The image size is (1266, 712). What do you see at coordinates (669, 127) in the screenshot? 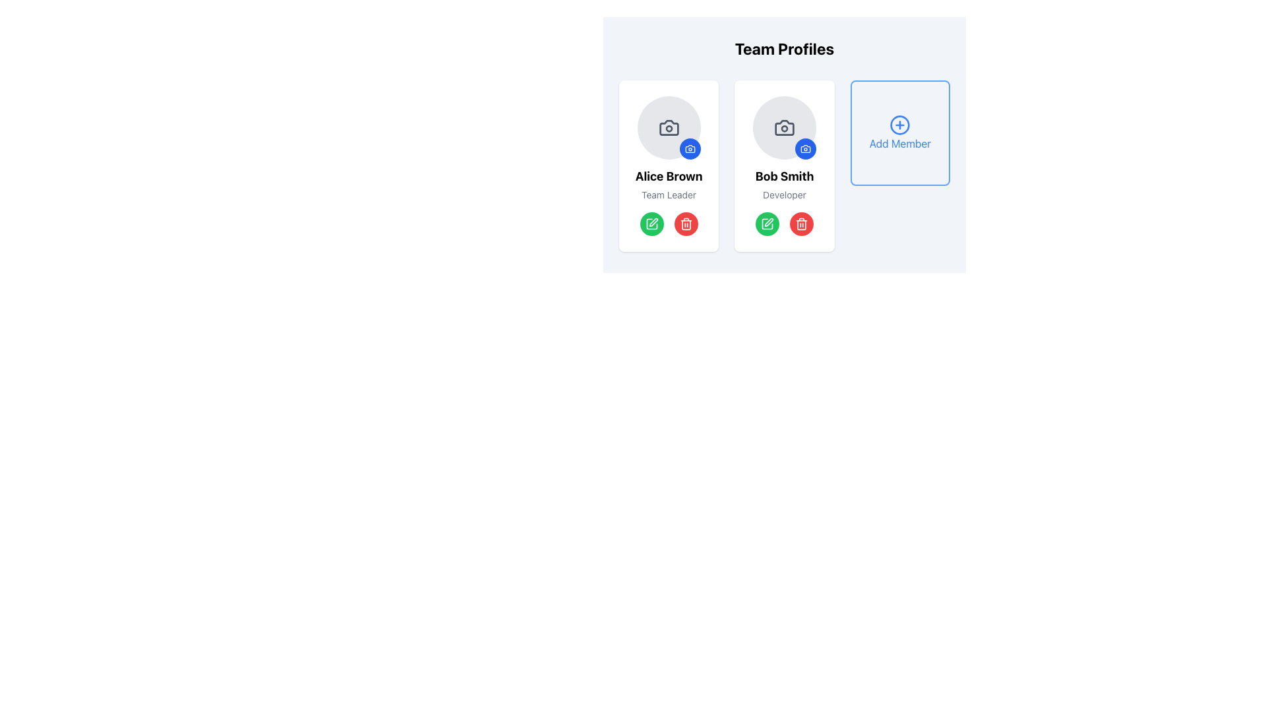
I see `the blue circular button with a white camera icon overlaying the gray circular placeholder in the profile picture section of Alice Brown's team member card to upload or change the profile picture` at bounding box center [669, 127].